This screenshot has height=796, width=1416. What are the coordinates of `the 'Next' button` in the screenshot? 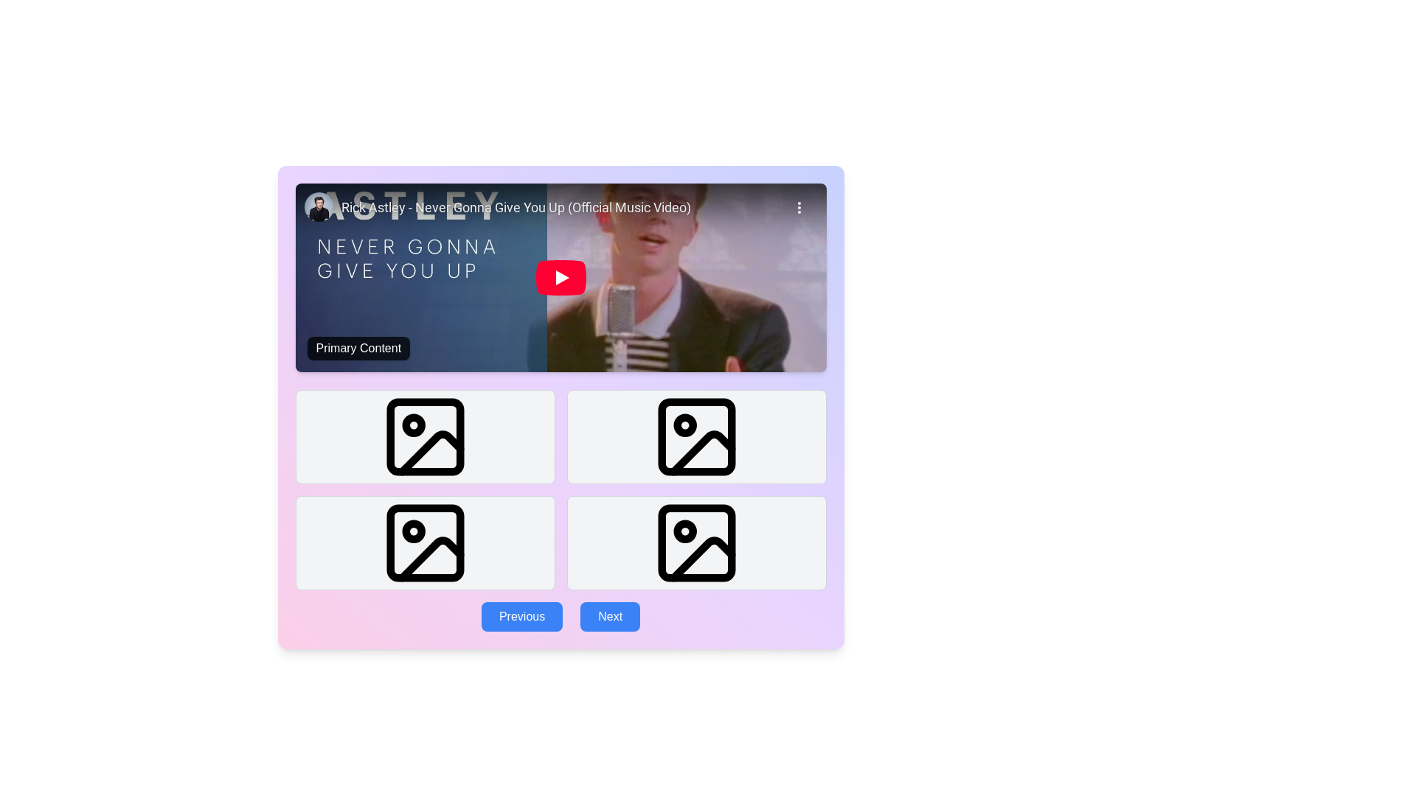 It's located at (610, 617).